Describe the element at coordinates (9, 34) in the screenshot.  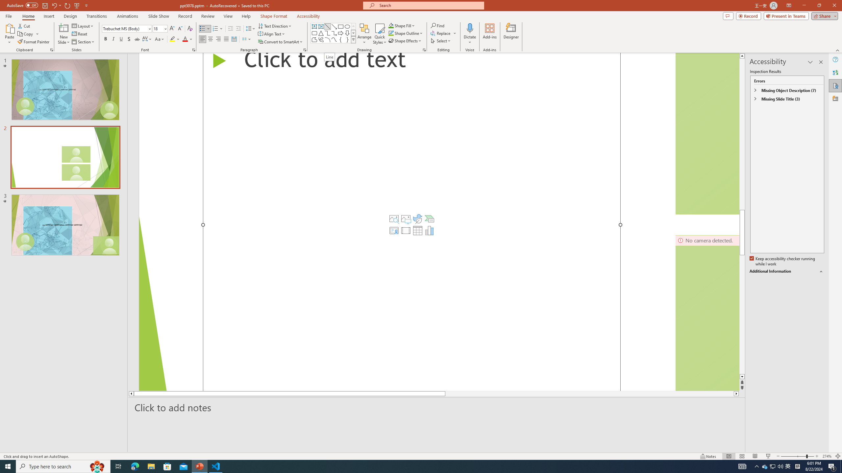
I see `'Paste'` at that location.